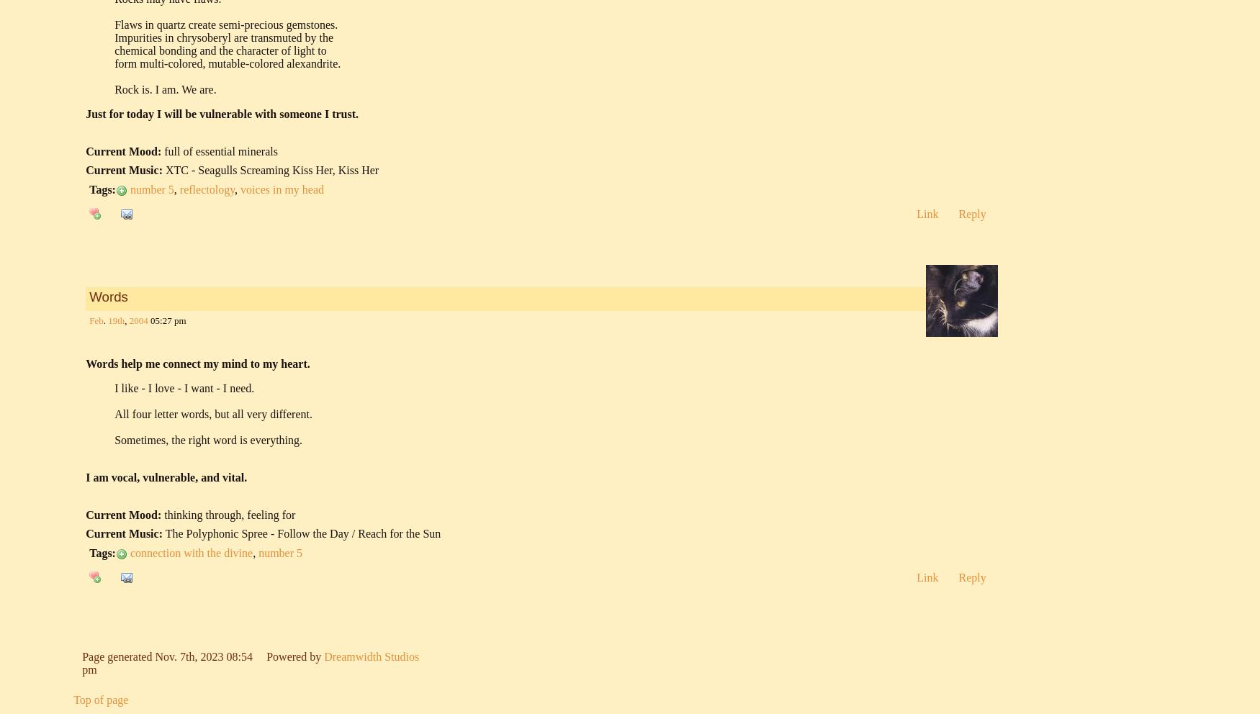 The height and width of the screenshot is (714, 1260). What do you see at coordinates (86, 362) in the screenshot?
I see `'Words help me connect my mind to my heart.'` at bounding box center [86, 362].